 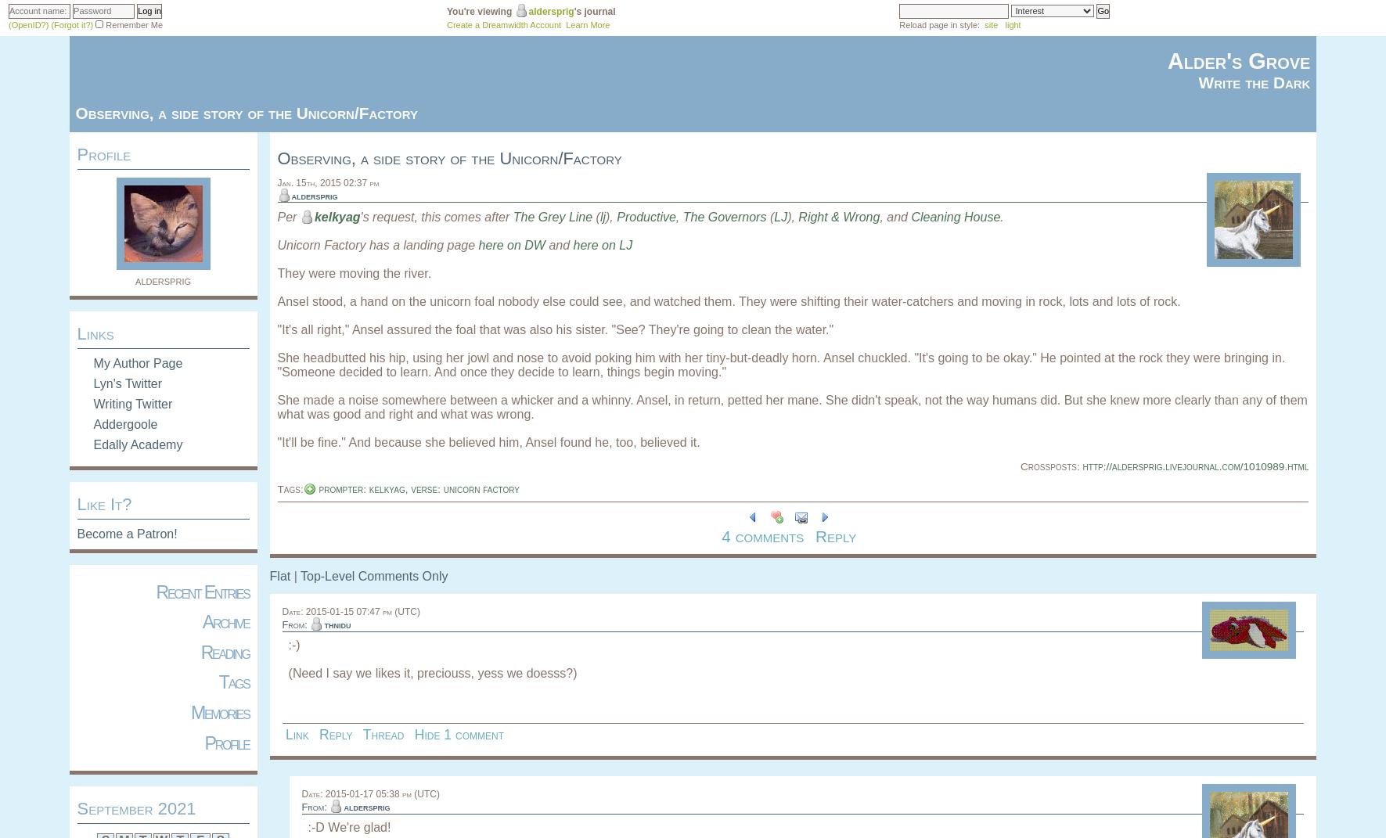 What do you see at coordinates (984, 23) in the screenshot?
I see `'site'` at bounding box center [984, 23].